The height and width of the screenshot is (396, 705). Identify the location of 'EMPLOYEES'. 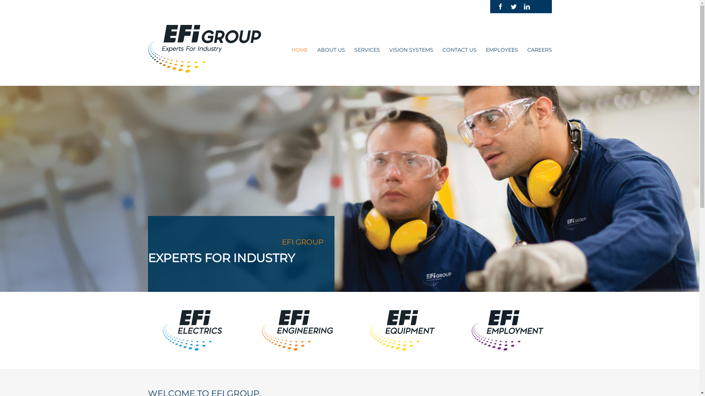
(485, 49).